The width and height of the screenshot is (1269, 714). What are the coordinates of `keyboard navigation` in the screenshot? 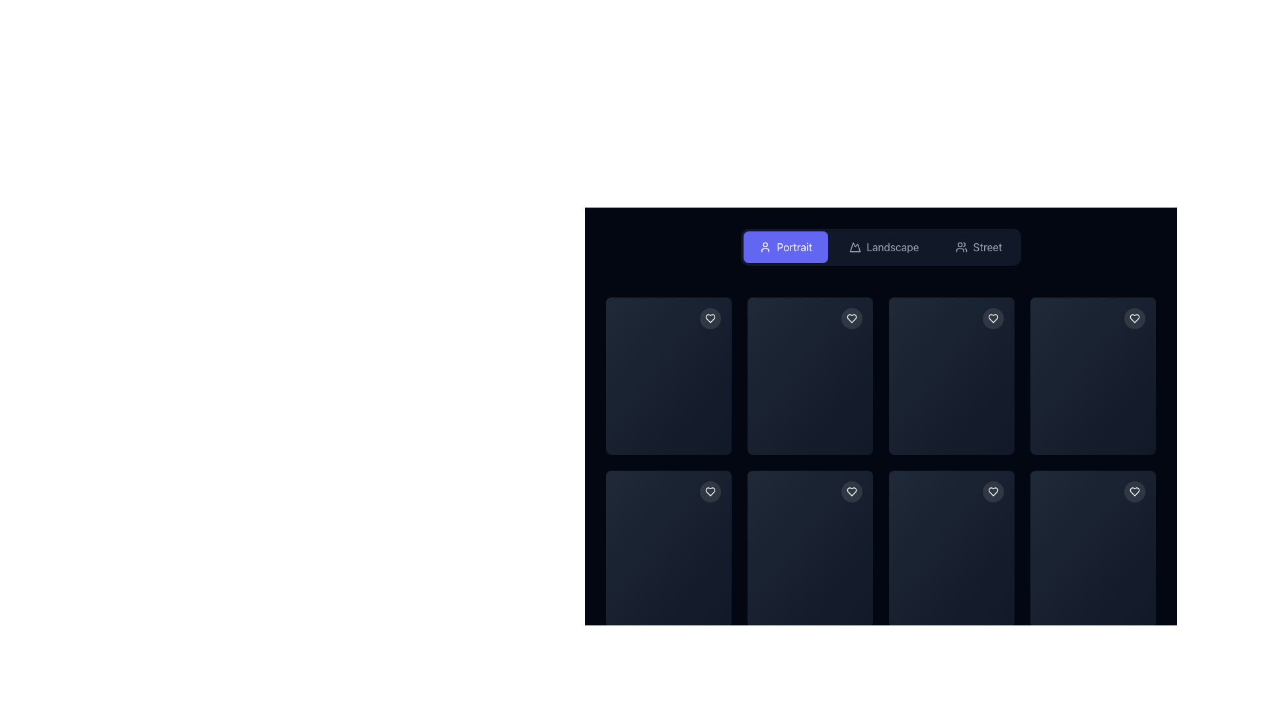 It's located at (852, 491).